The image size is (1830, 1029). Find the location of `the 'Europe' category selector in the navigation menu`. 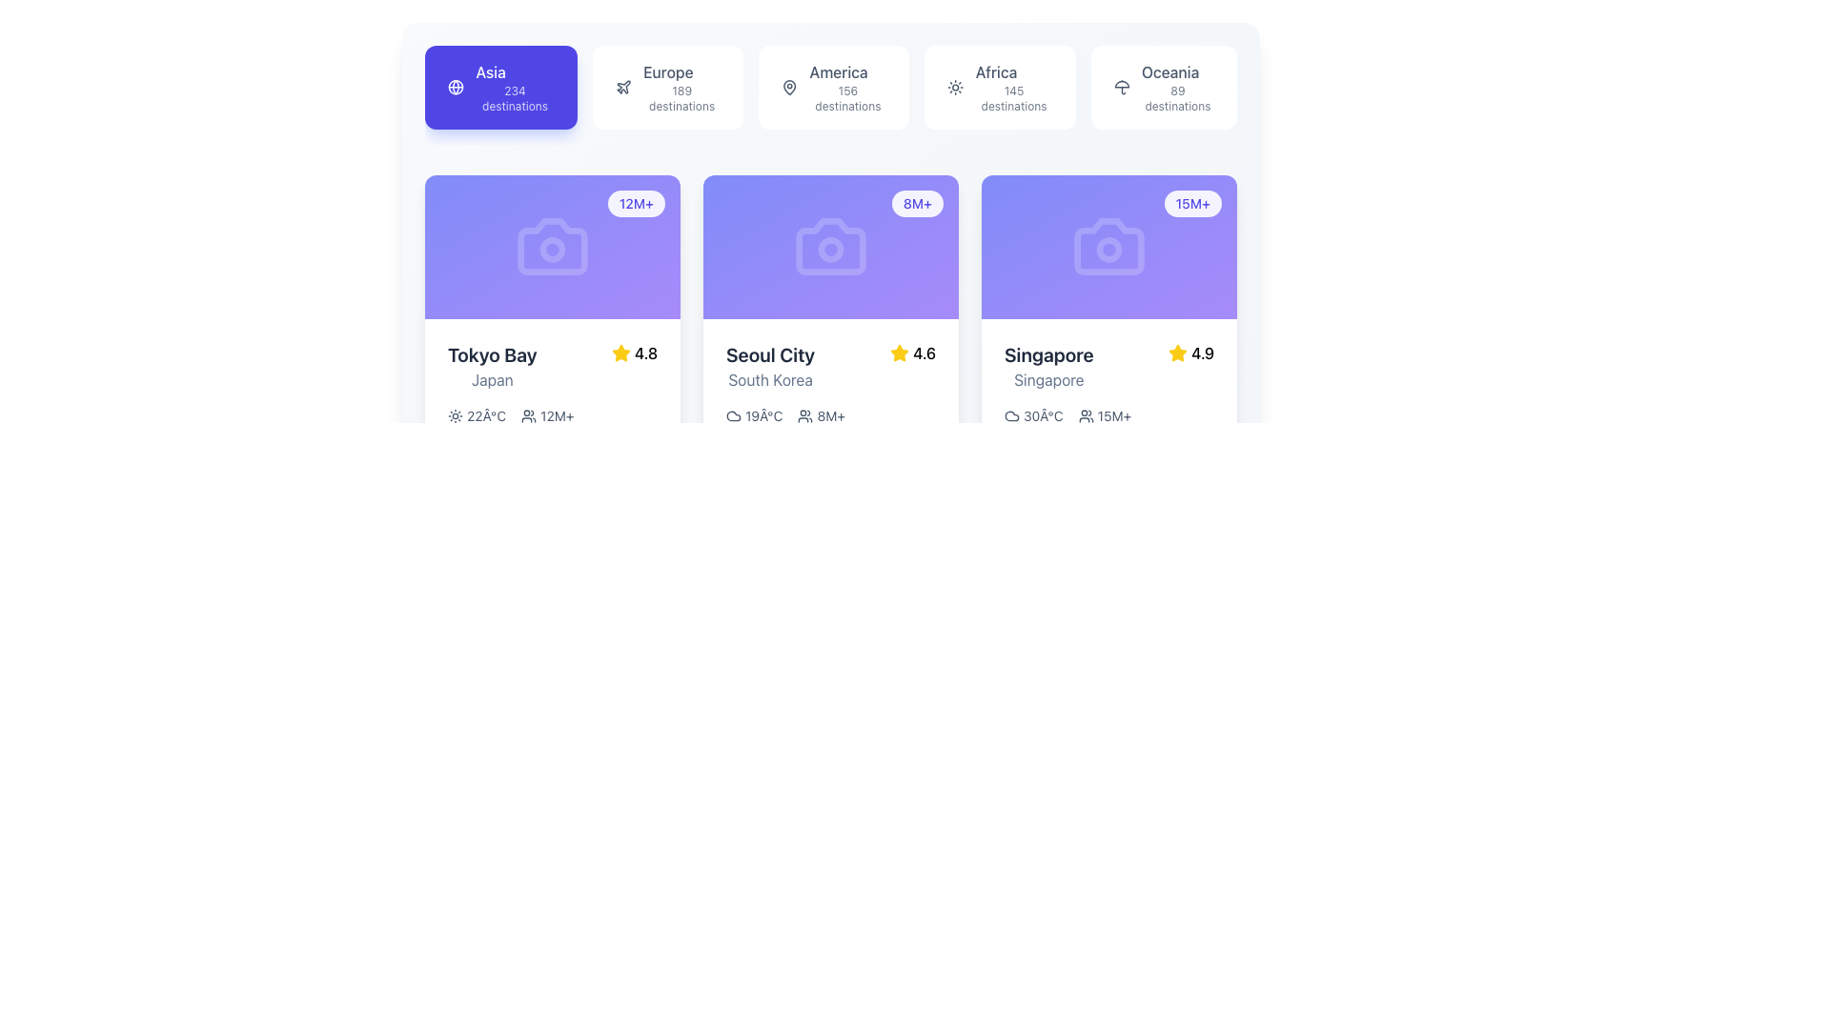

the 'Europe' category selector in the navigation menu is located at coordinates (681, 88).